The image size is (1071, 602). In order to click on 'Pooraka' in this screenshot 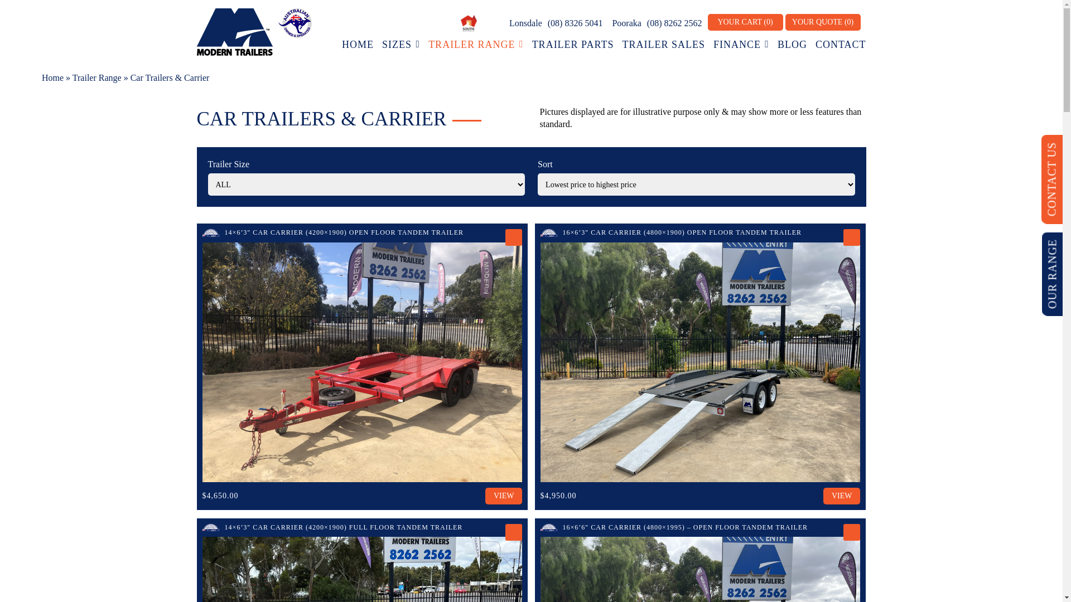, I will do `click(625, 23)`.